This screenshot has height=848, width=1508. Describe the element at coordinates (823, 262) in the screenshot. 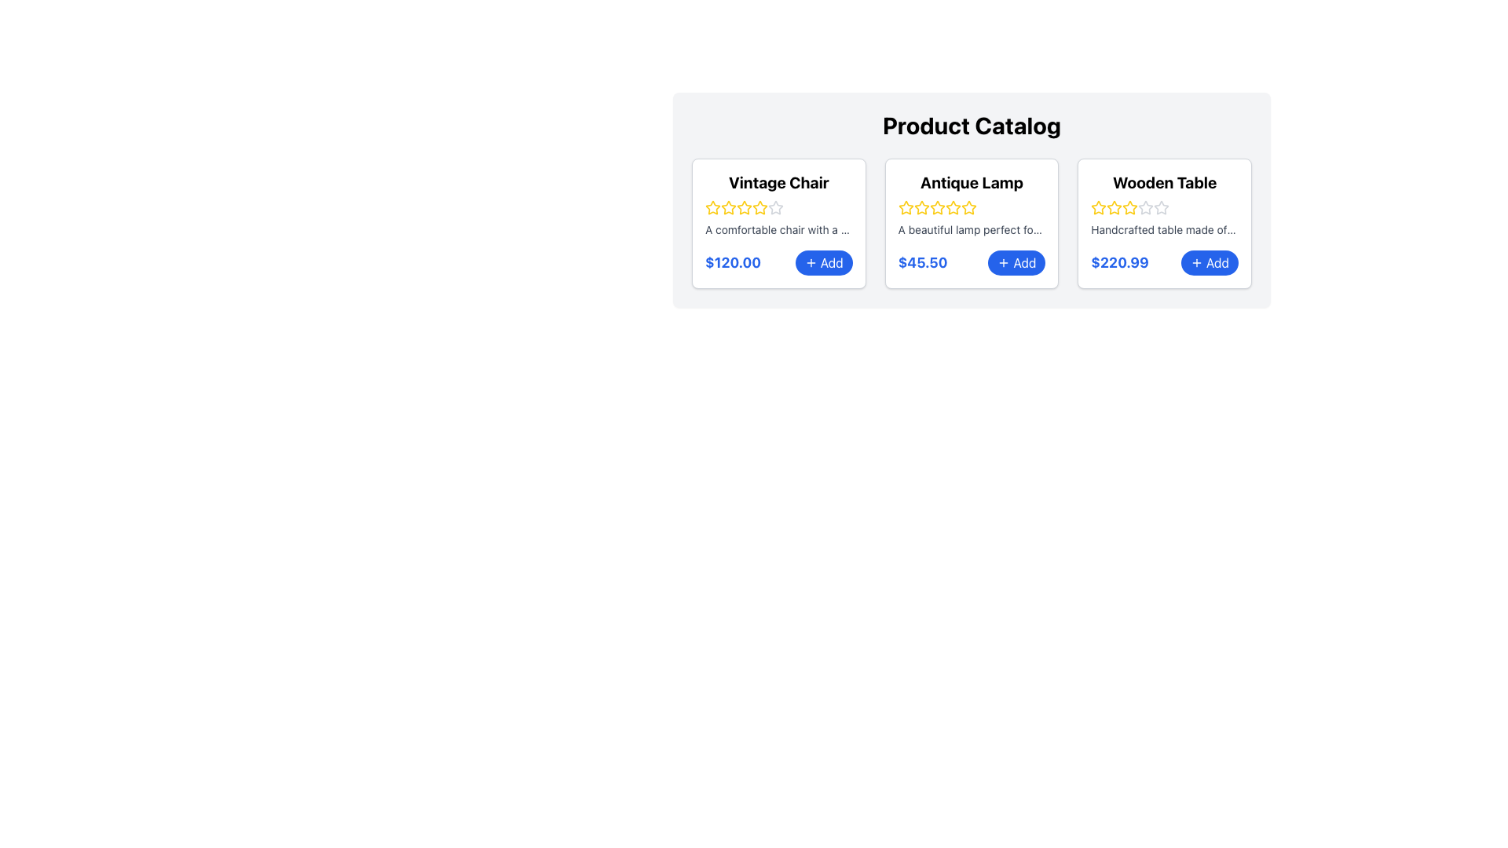

I see `the blue button with rounded corners and white text displaying '+ Add' located at the lower right of the 'Vintage Chair' product card via keyboard navigation` at that location.